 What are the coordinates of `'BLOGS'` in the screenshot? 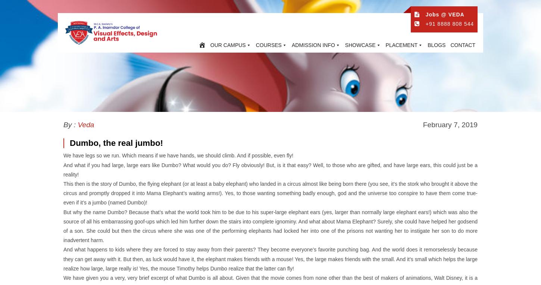 It's located at (427, 45).